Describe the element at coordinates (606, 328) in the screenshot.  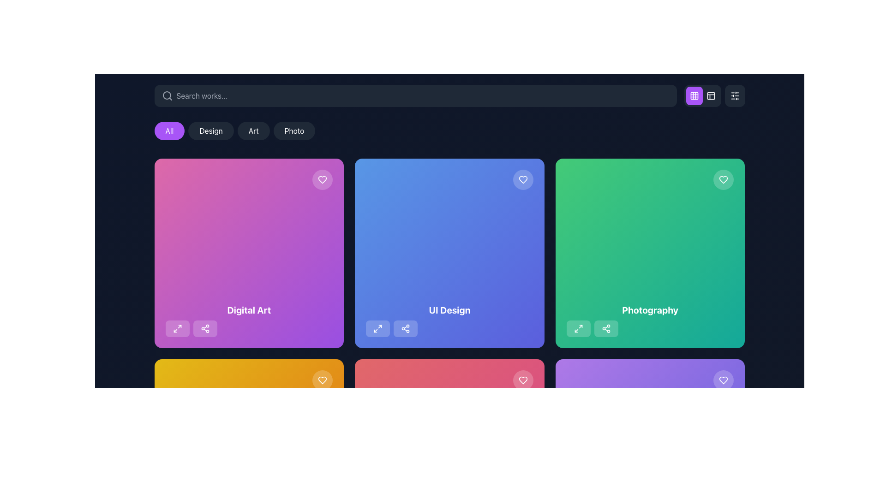
I see `the share icon located in the bottom-right corner of the green 'Photography' card` at that location.